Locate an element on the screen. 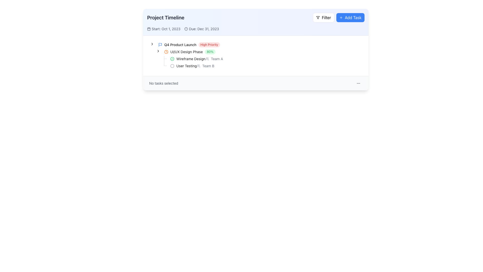 The image size is (483, 272). the 'User Testing Team B' Text Display with Icons is located at coordinates (194, 66).